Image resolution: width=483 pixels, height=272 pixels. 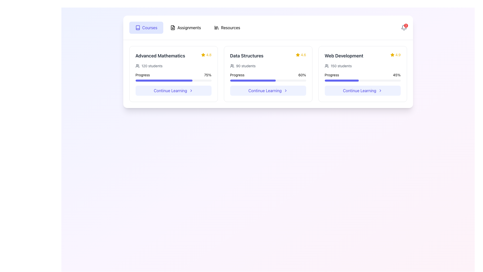 What do you see at coordinates (392, 55) in the screenshot?
I see `the star rating icon located in the top right corner of the 'Web Development' card, which visually represents a rating of 4.9` at bounding box center [392, 55].